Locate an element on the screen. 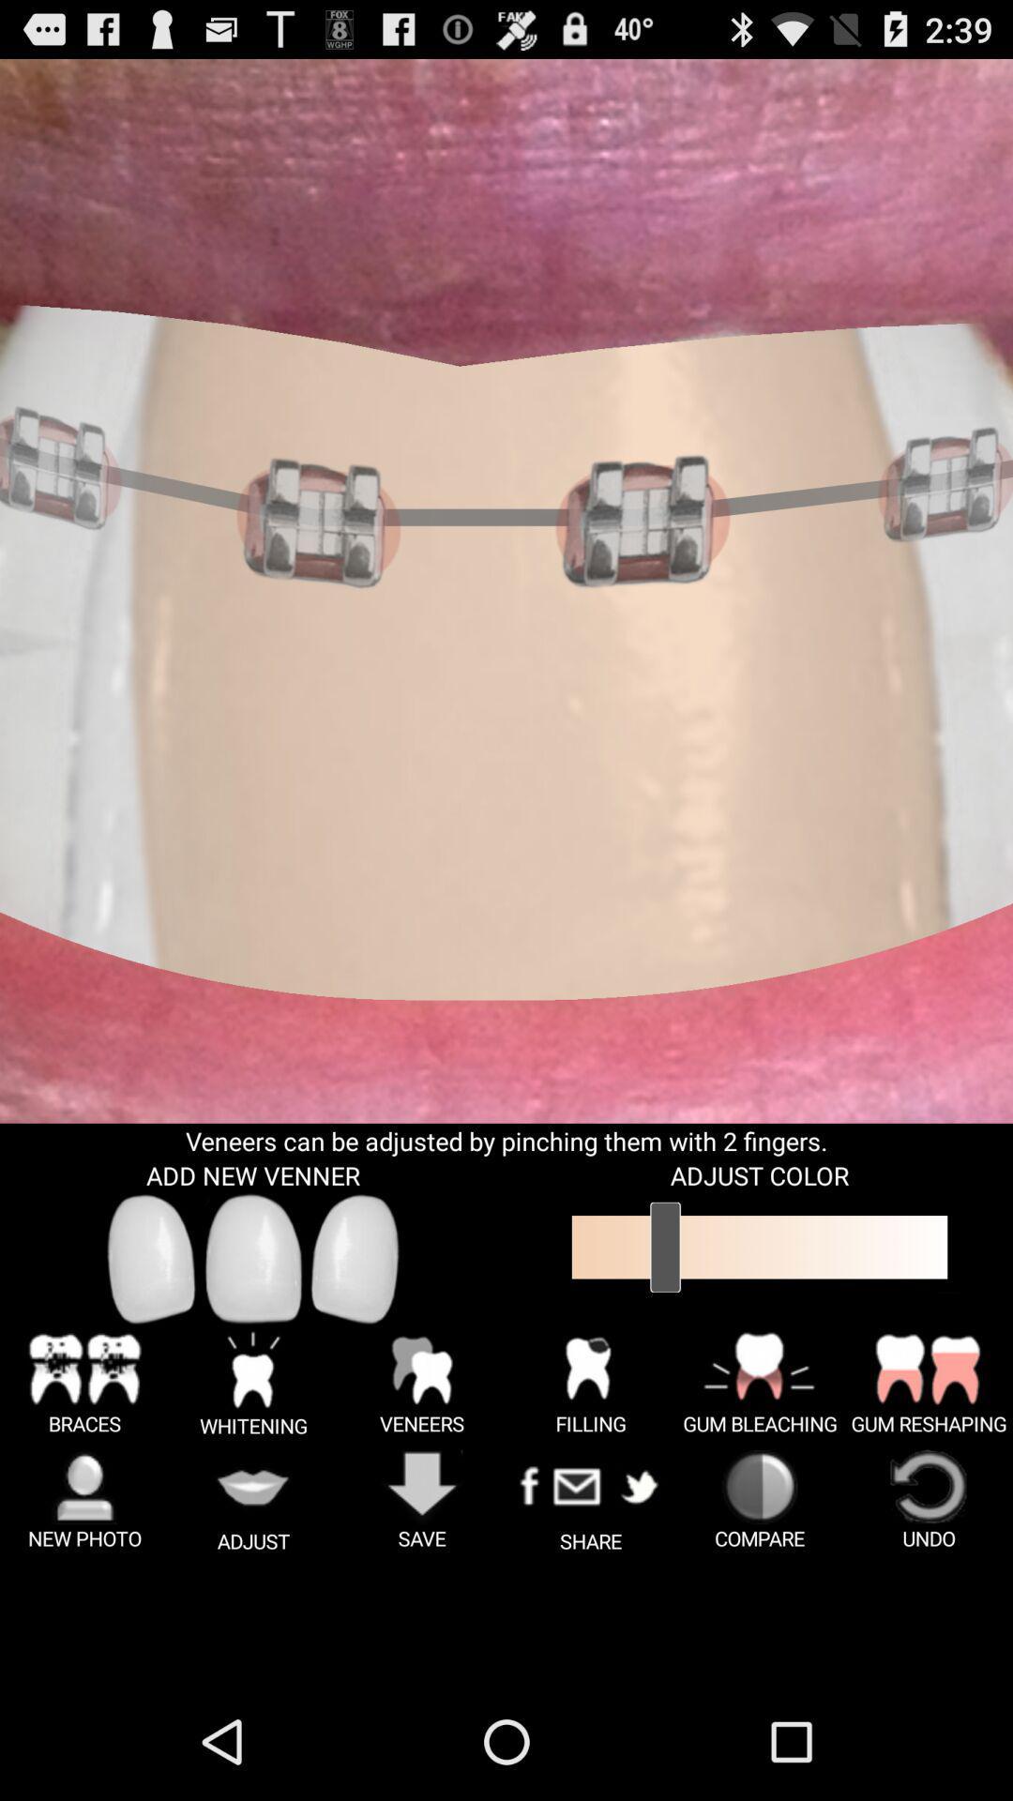 The height and width of the screenshot is (1801, 1013). the button which is next to the braces is located at coordinates (253, 1383).